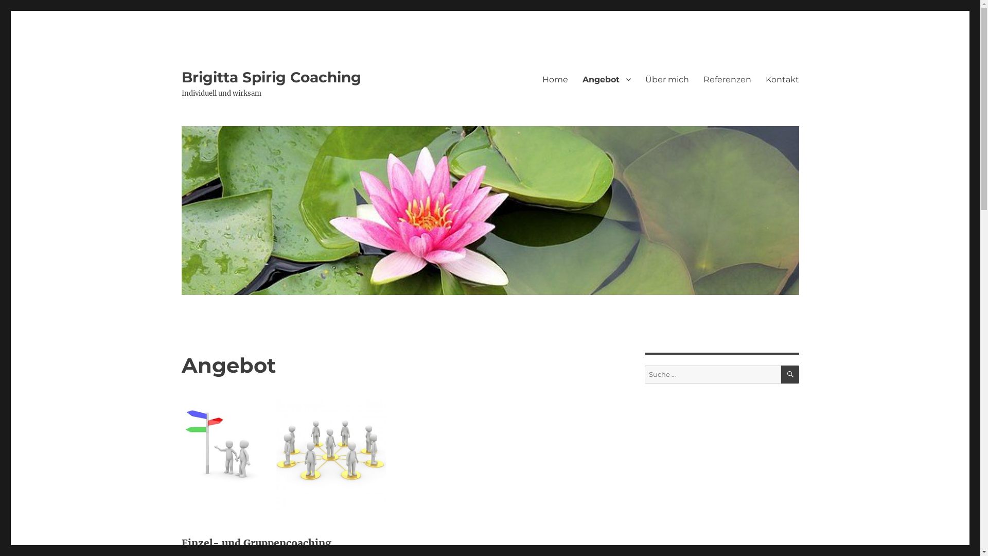 The height and width of the screenshot is (556, 988). I want to click on 'Home', so click(535, 79).